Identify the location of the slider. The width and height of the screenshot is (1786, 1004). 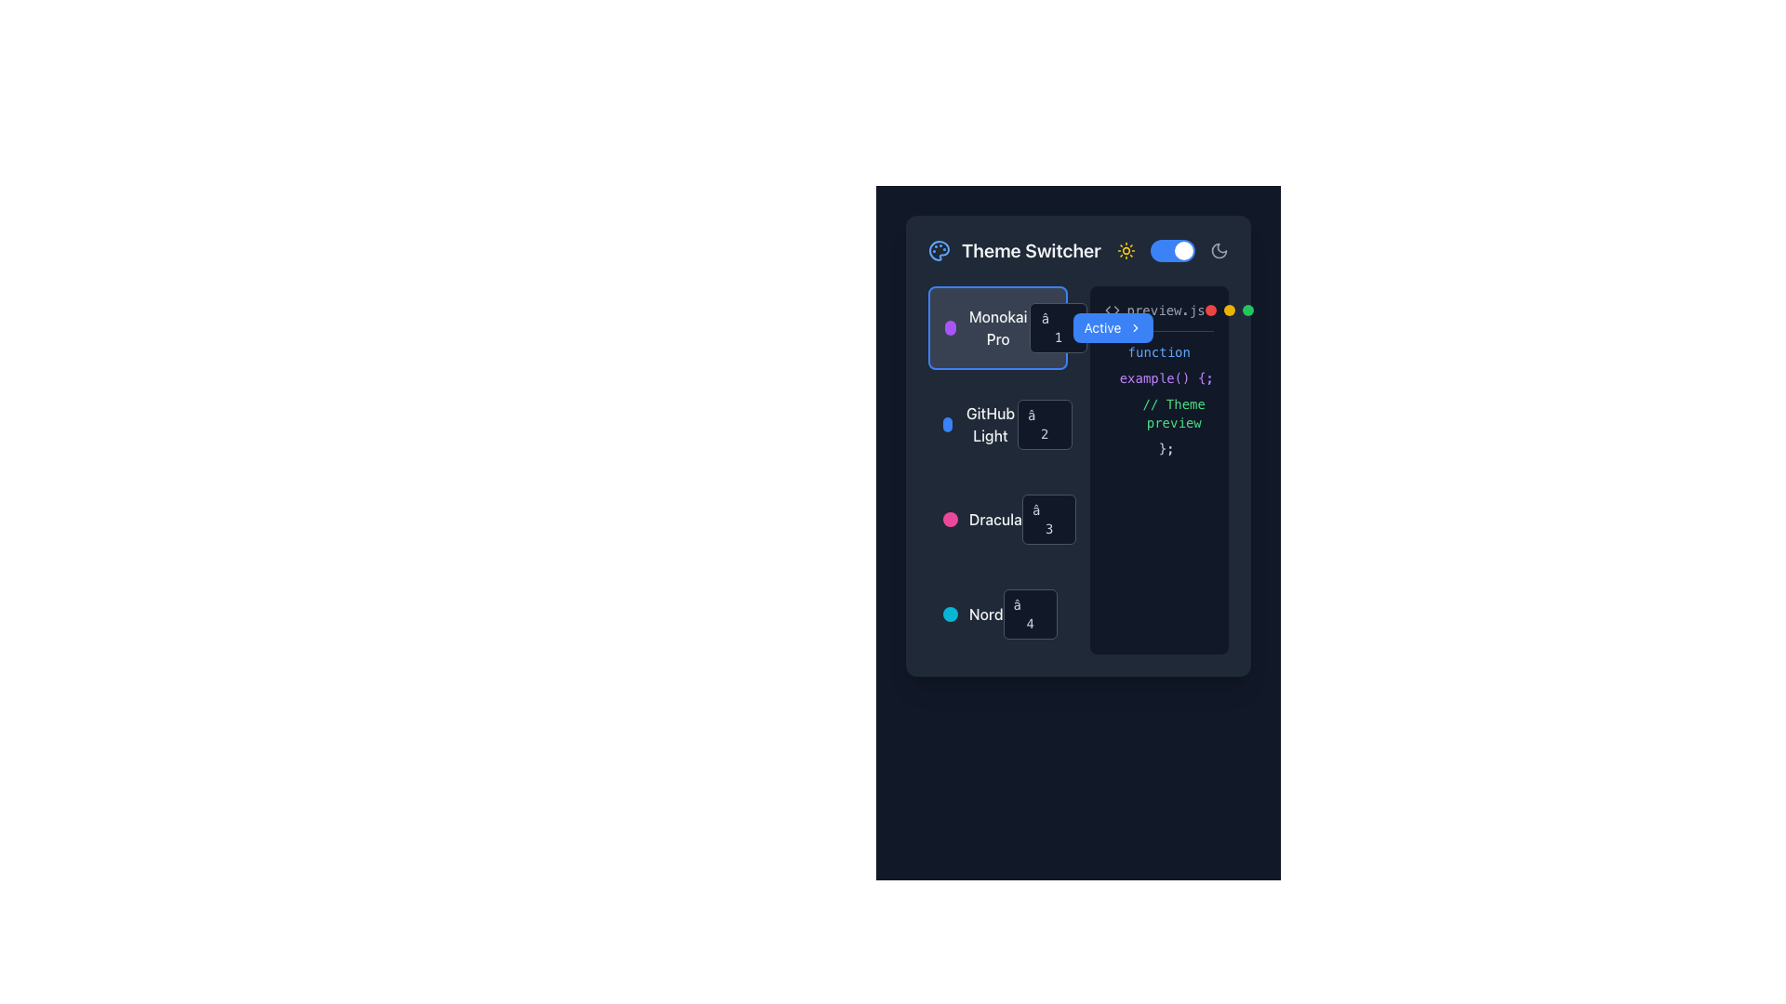
(1194, 251).